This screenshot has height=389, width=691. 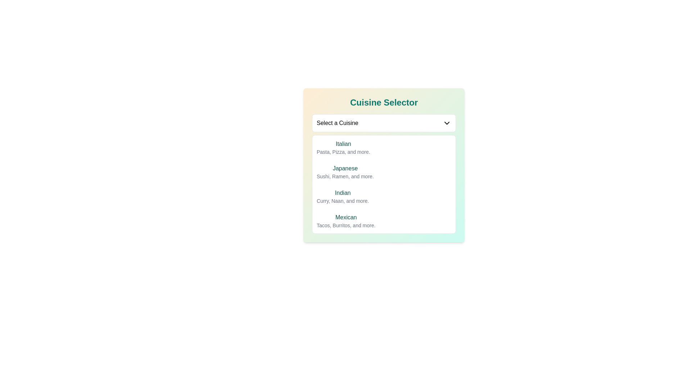 What do you see at coordinates (383, 165) in the screenshot?
I see `the 'Japanese' option in the 'Select a Cuisine' dropdown menu` at bounding box center [383, 165].